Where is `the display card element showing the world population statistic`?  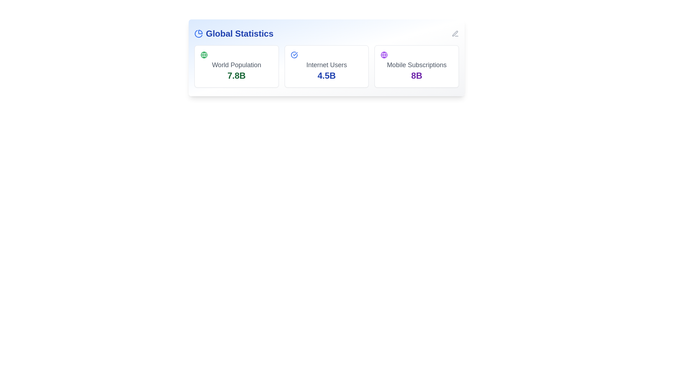
the display card element showing the world population statistic is located at coordinates (236, 66).